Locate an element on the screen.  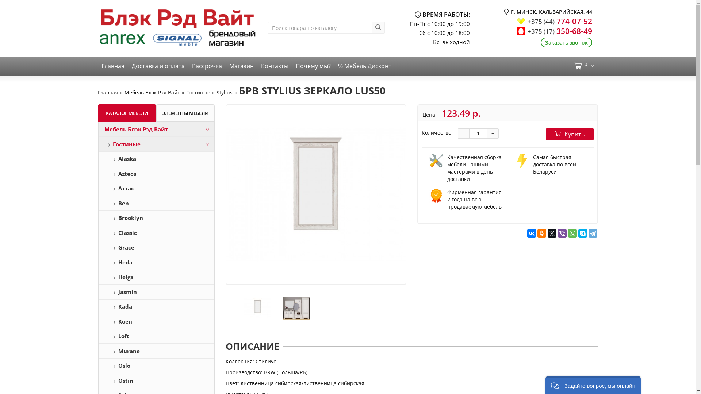
'Grace' is located at coordinates (156, 247).